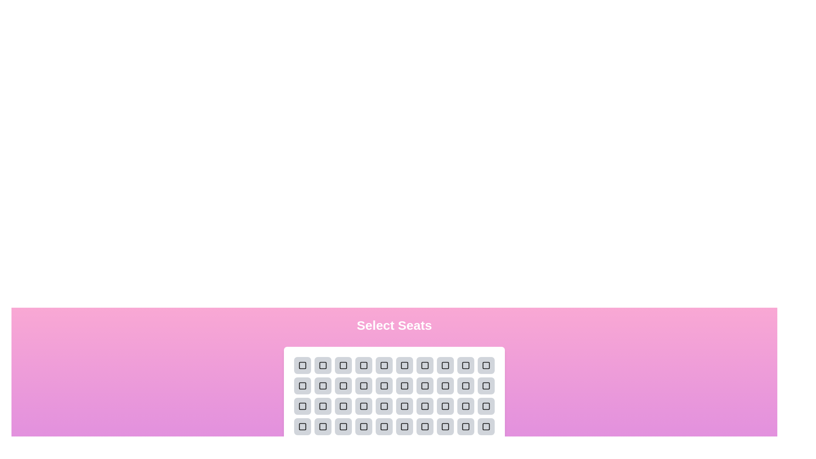 This screenshot has height=459, width=816. Describe the element at coordinates (302, 365) in the screenshot. I see `the selected seat to deselect it` at that location.